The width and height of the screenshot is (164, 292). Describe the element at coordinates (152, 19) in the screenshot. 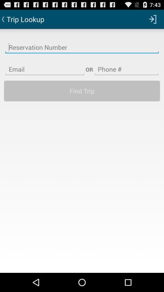

I see `the app next to trip lookup app` at that location.